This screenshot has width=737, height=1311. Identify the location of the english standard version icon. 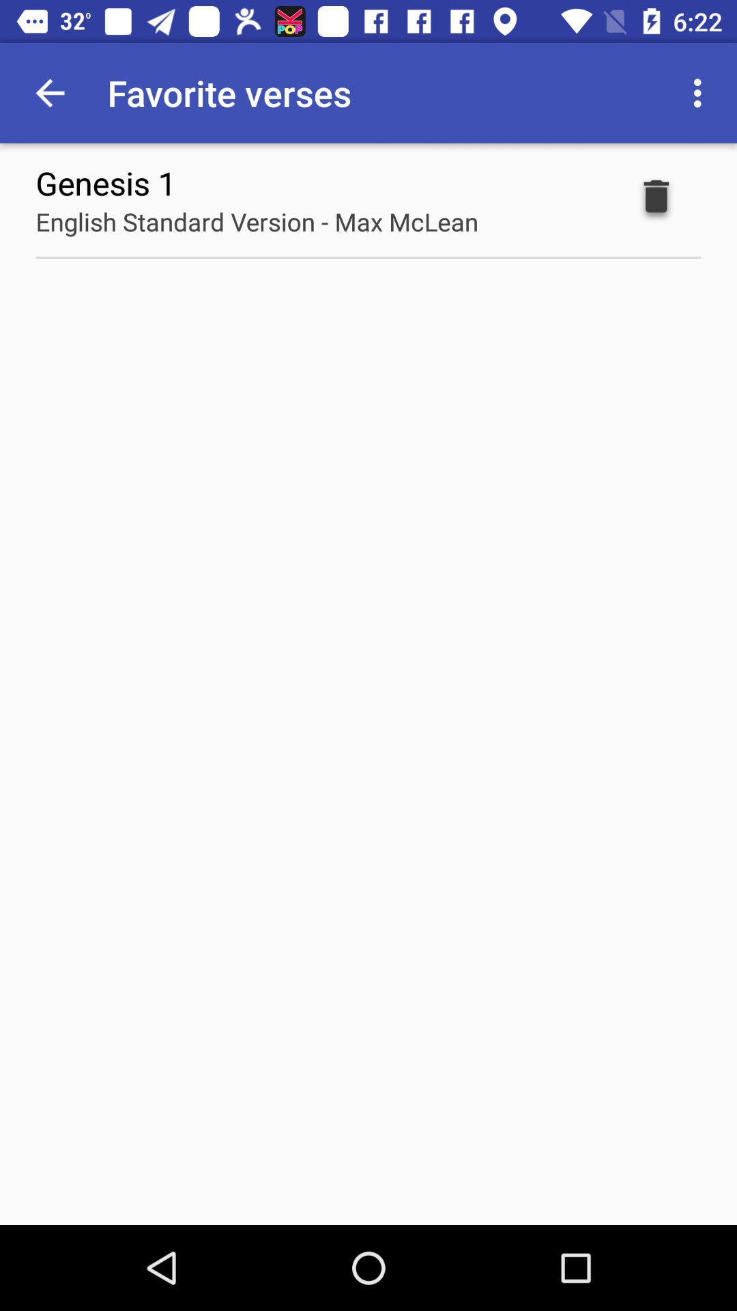
(257, 221).